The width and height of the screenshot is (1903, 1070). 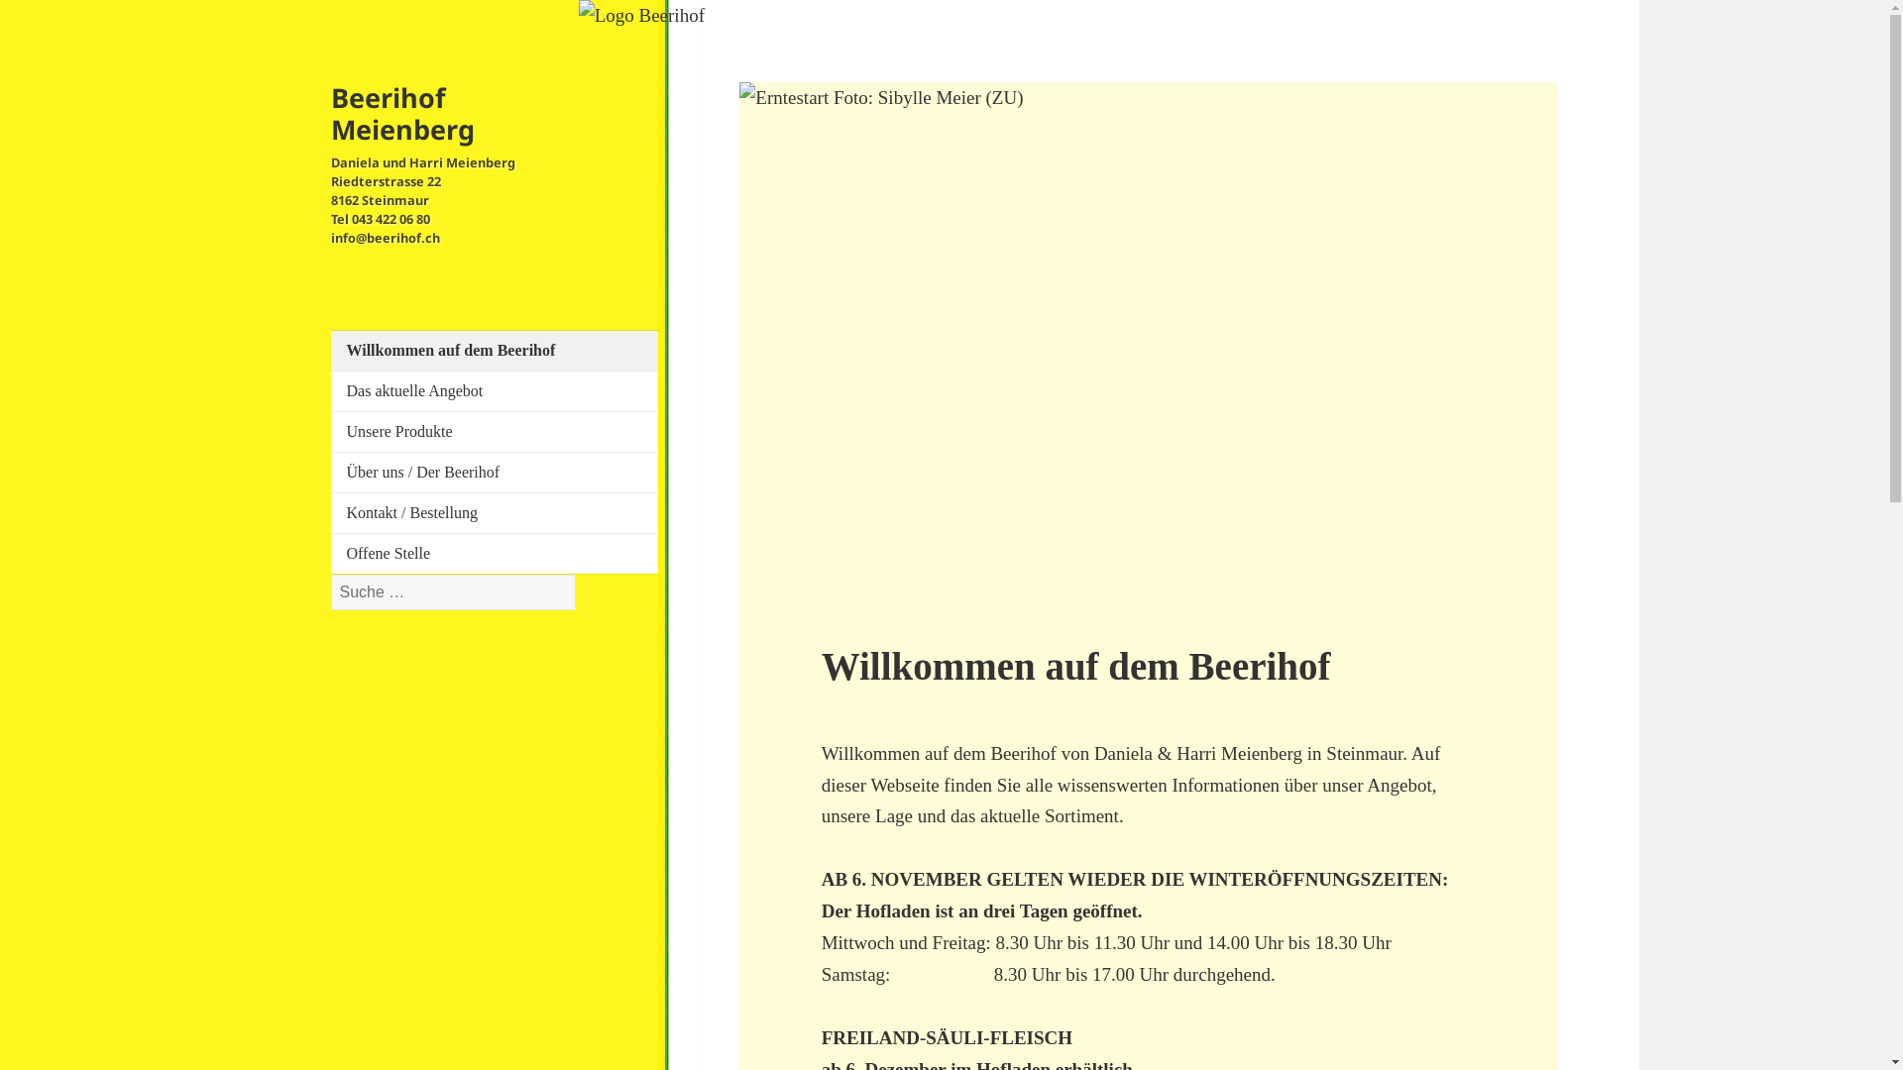 I want to click on 'Logo Beerihof', so click(x=641, y=15).